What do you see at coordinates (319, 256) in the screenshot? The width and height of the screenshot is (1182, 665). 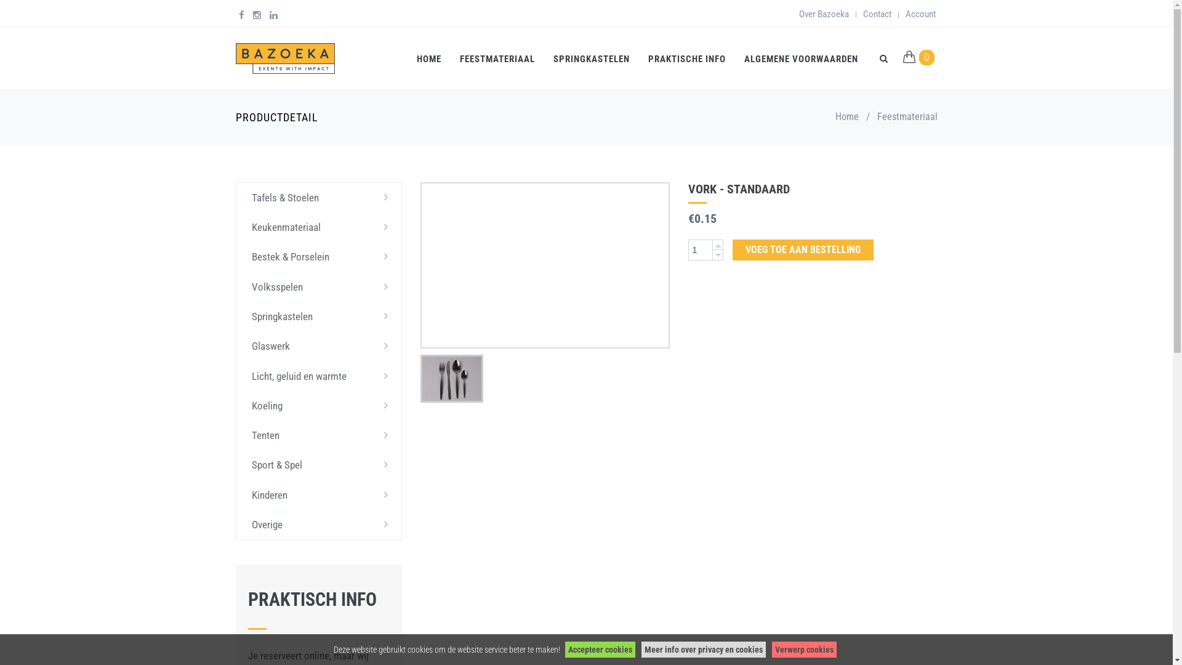 I see `'Bestek & Porselein'` at bounding box center [319, 256].